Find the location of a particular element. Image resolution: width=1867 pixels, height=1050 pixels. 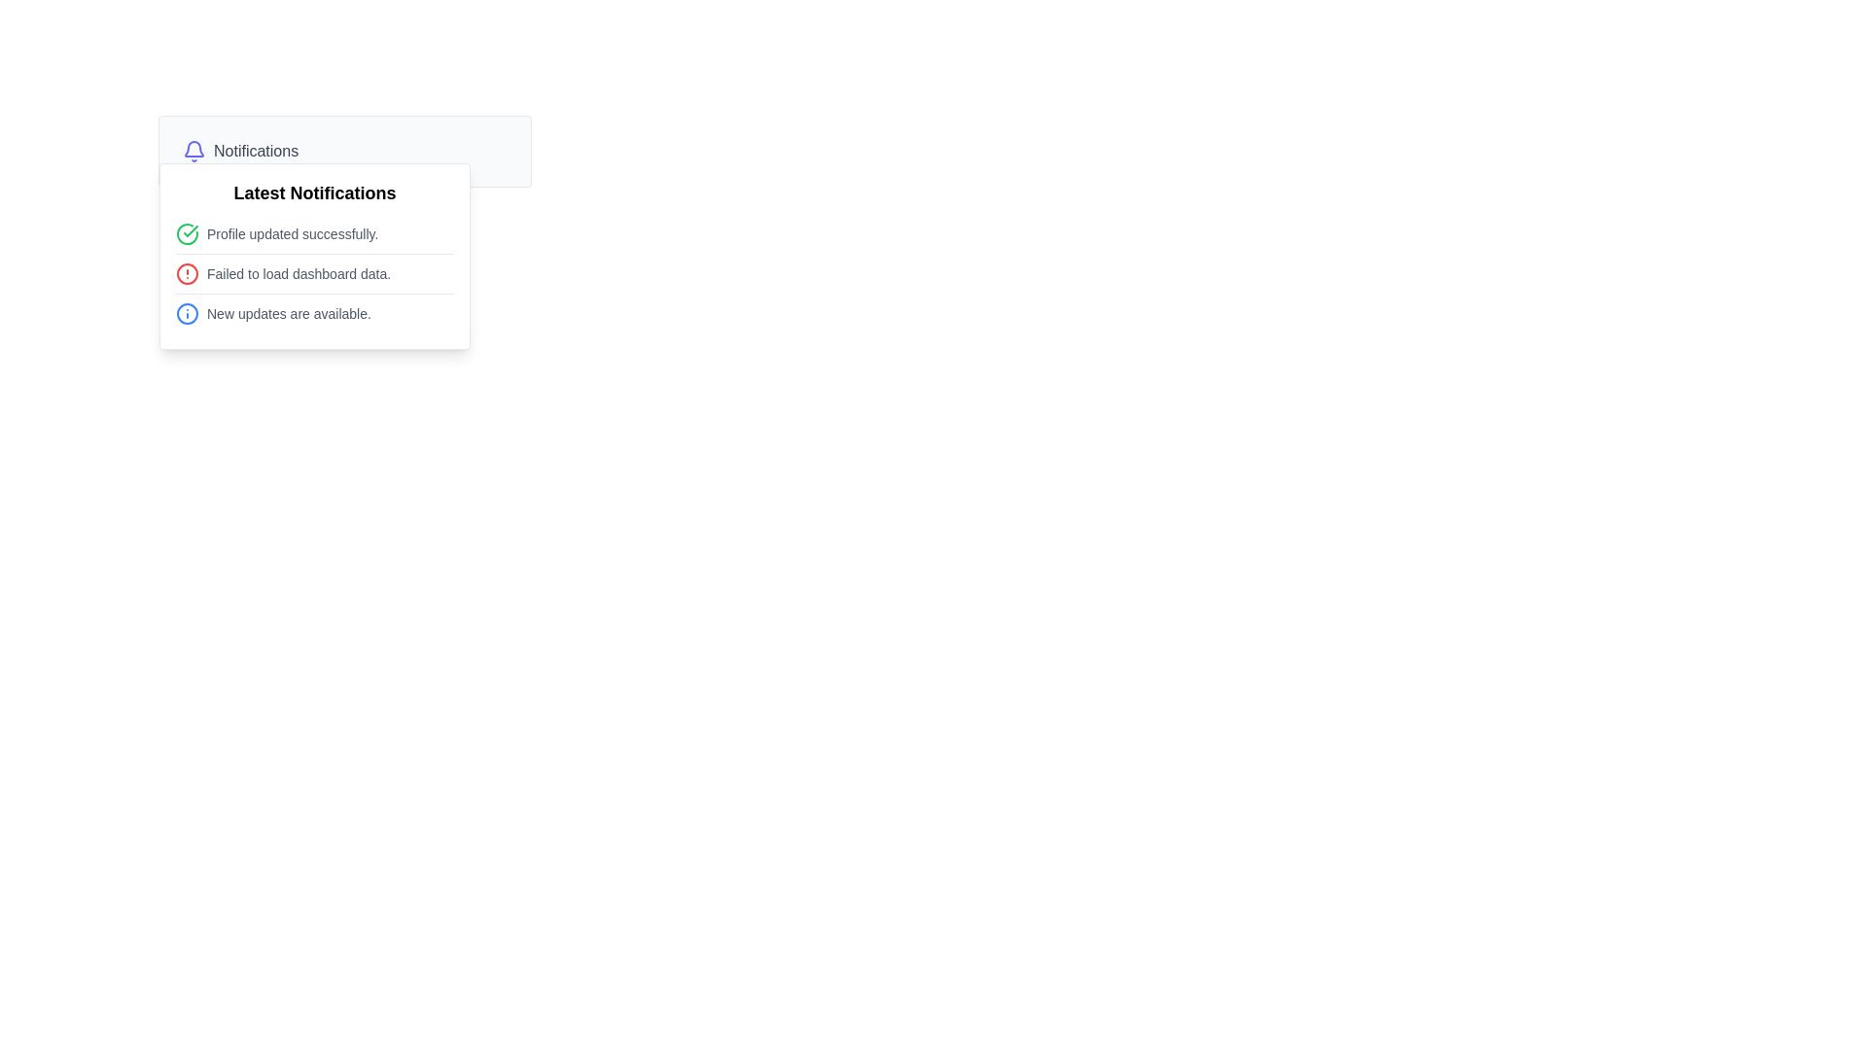

the success status icon located in the top-left corner of the notification area that indicates 'Profile updated successfully' is located at coordinates (187, 232).